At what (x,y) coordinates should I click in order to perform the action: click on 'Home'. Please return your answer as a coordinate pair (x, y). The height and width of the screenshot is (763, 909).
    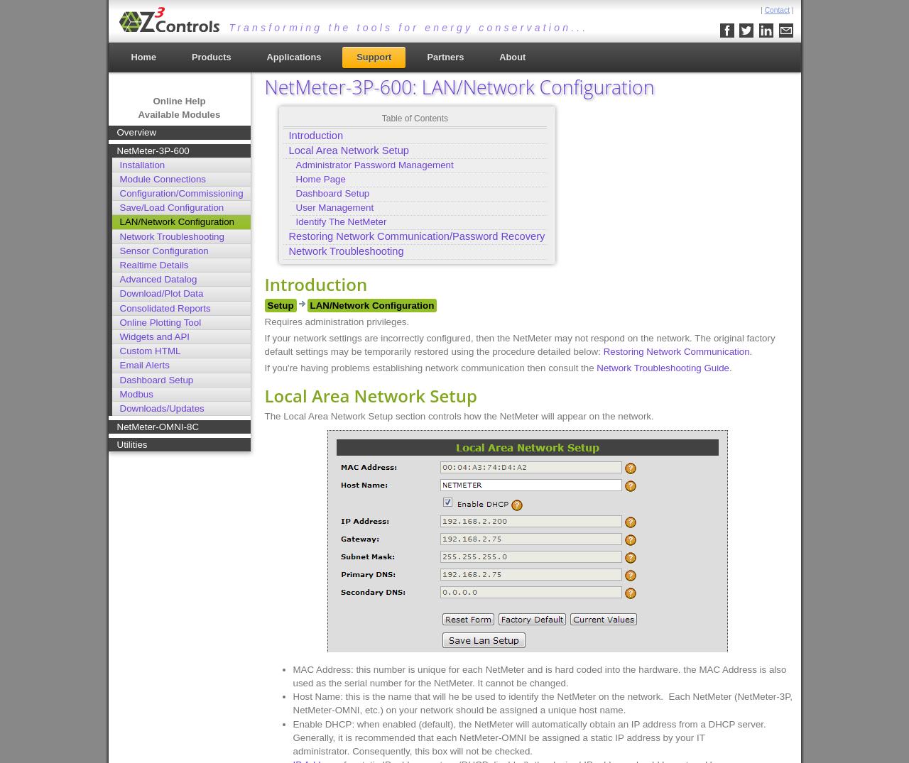
    Looking at the image, I should click on (143, 57).